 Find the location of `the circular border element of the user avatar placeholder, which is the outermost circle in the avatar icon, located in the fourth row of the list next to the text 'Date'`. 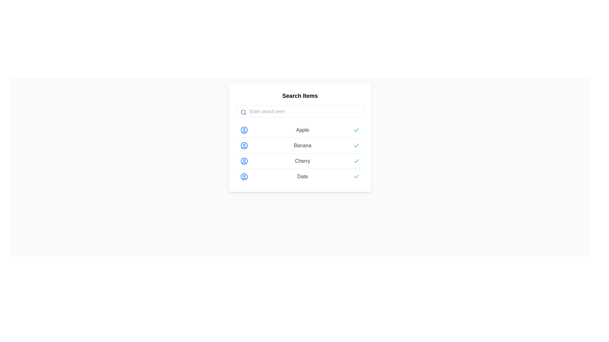

the circular border element of the user avatar placeholder, which is the outermost circle in the avatar icon, located in the fourth row of the list next to the text 'Date' is located at coordinates (244, 177).